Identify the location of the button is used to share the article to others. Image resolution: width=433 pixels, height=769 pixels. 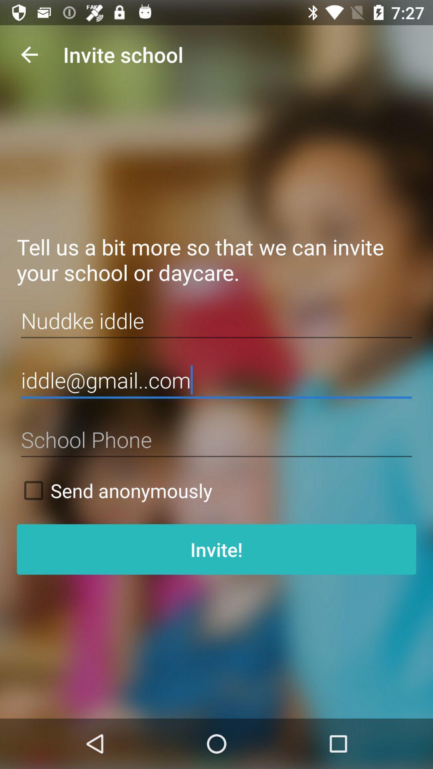
(216, 439).